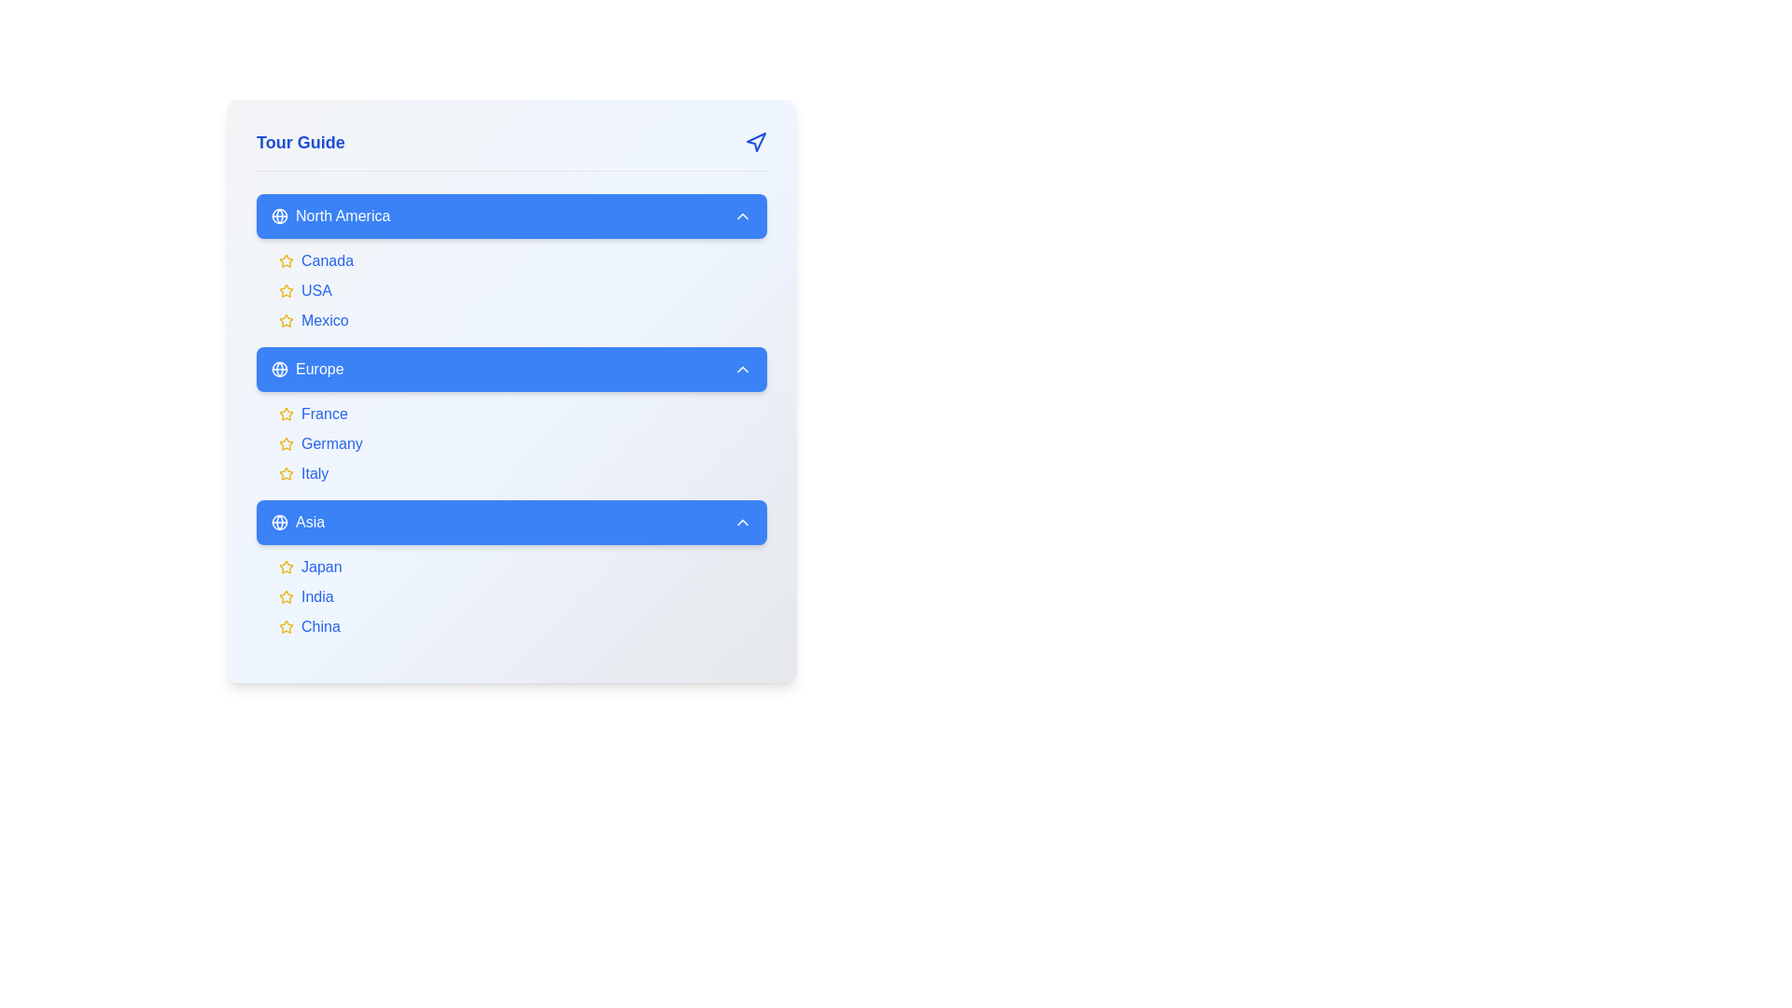  Describe the element at coordinates (511, 522) in the screenshot. I see `the collapsible button for the 'Asia' region` at that location.